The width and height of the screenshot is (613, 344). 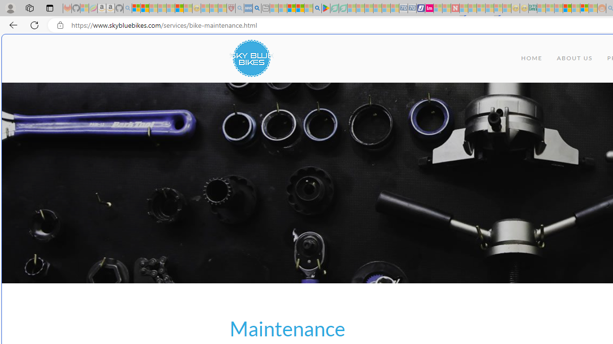 I want to click on 'Pets - MSN', so click(x=299, y=8).